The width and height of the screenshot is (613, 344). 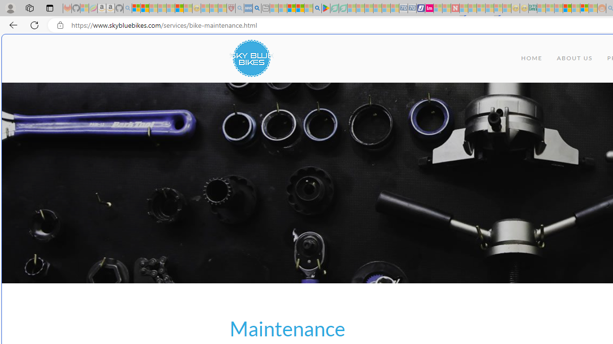 I want to click on 'Pets - MSN', so click(x=299, y=8).